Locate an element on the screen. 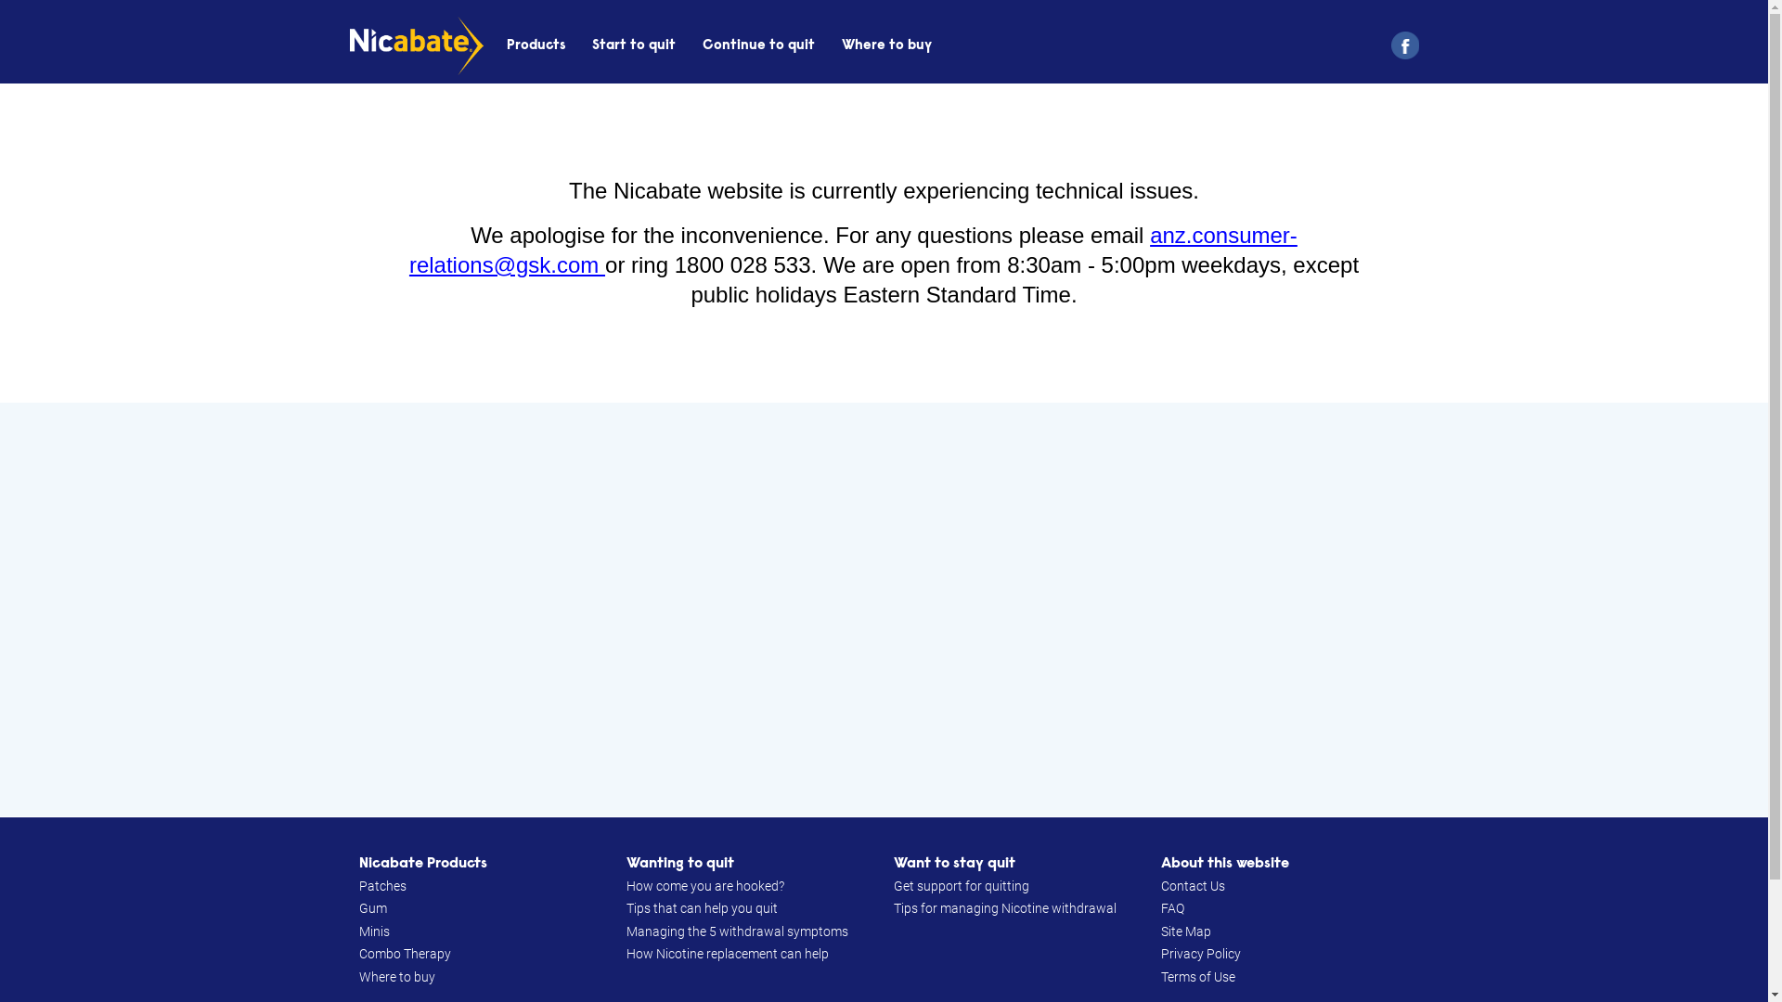  'anz.consumer-relations@gsk.com' is located at coordinates (852, 249).